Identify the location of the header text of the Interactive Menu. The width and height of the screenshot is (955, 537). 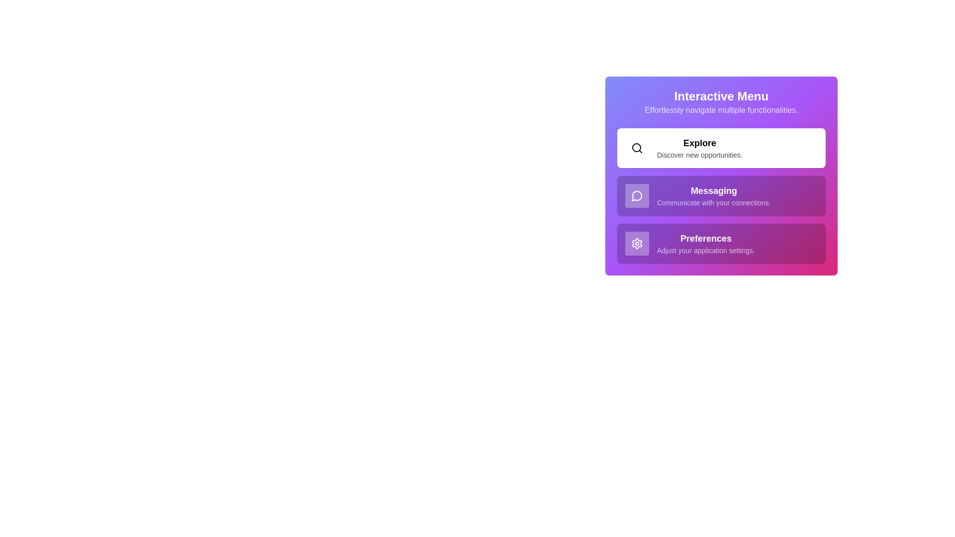
(721, 96).